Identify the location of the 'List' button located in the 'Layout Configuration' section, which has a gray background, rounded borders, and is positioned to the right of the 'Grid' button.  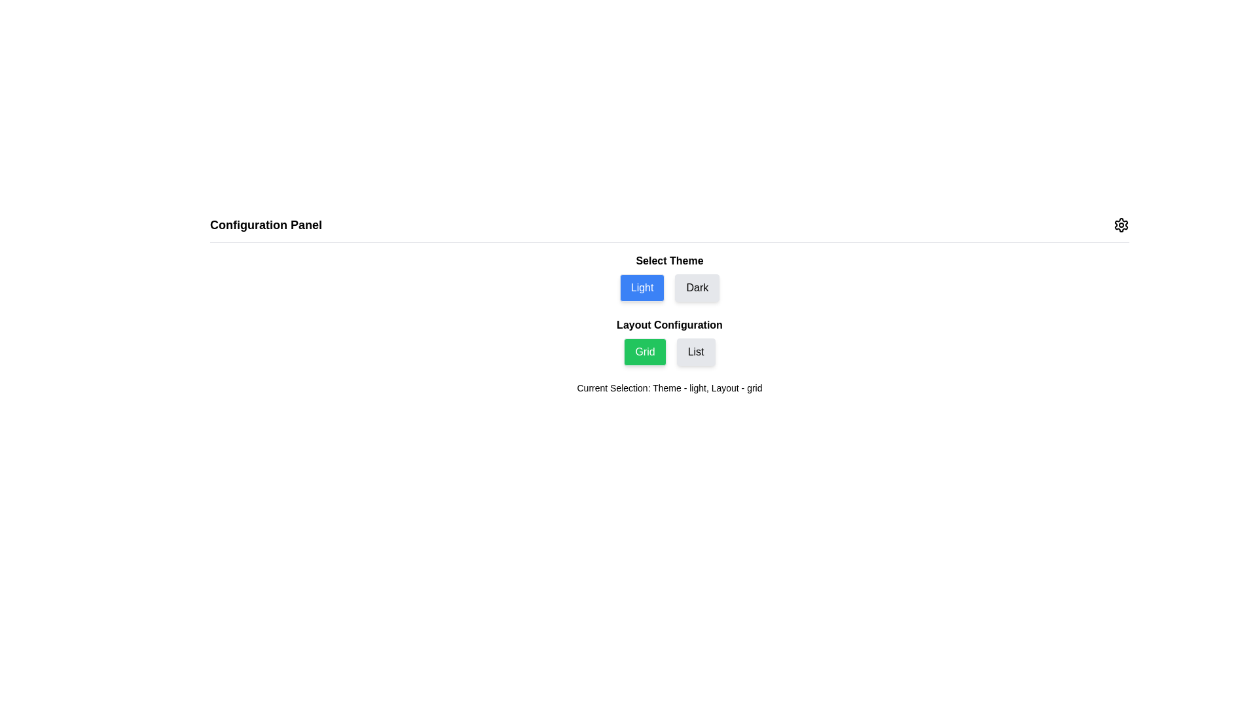
(695, 351).